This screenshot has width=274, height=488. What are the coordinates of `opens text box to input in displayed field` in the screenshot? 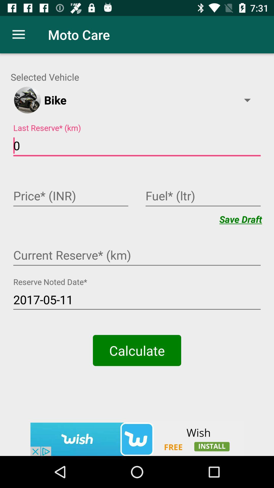 It's located at (71, 196).